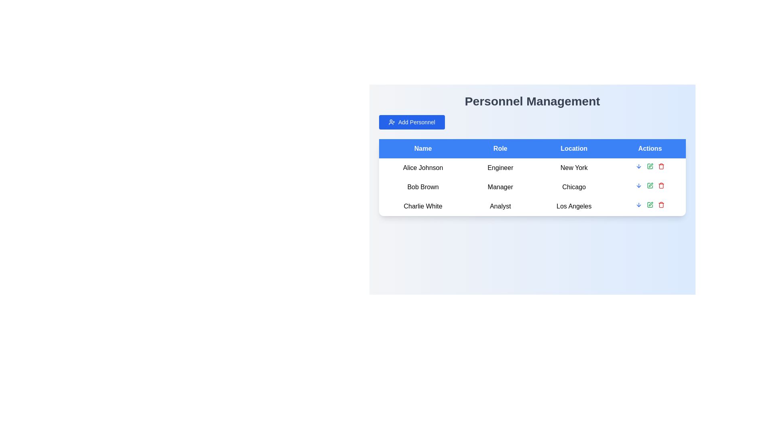 Image resolution: width=771 pixels, height=433 pixels. Describe the element at coordinates (650, 204) in the screenshot. I see `the Button icon styled as a pen for editing purposes located in the third row of the 'Actions' column in the 'Personnel Management' table for accessibility` at that location.